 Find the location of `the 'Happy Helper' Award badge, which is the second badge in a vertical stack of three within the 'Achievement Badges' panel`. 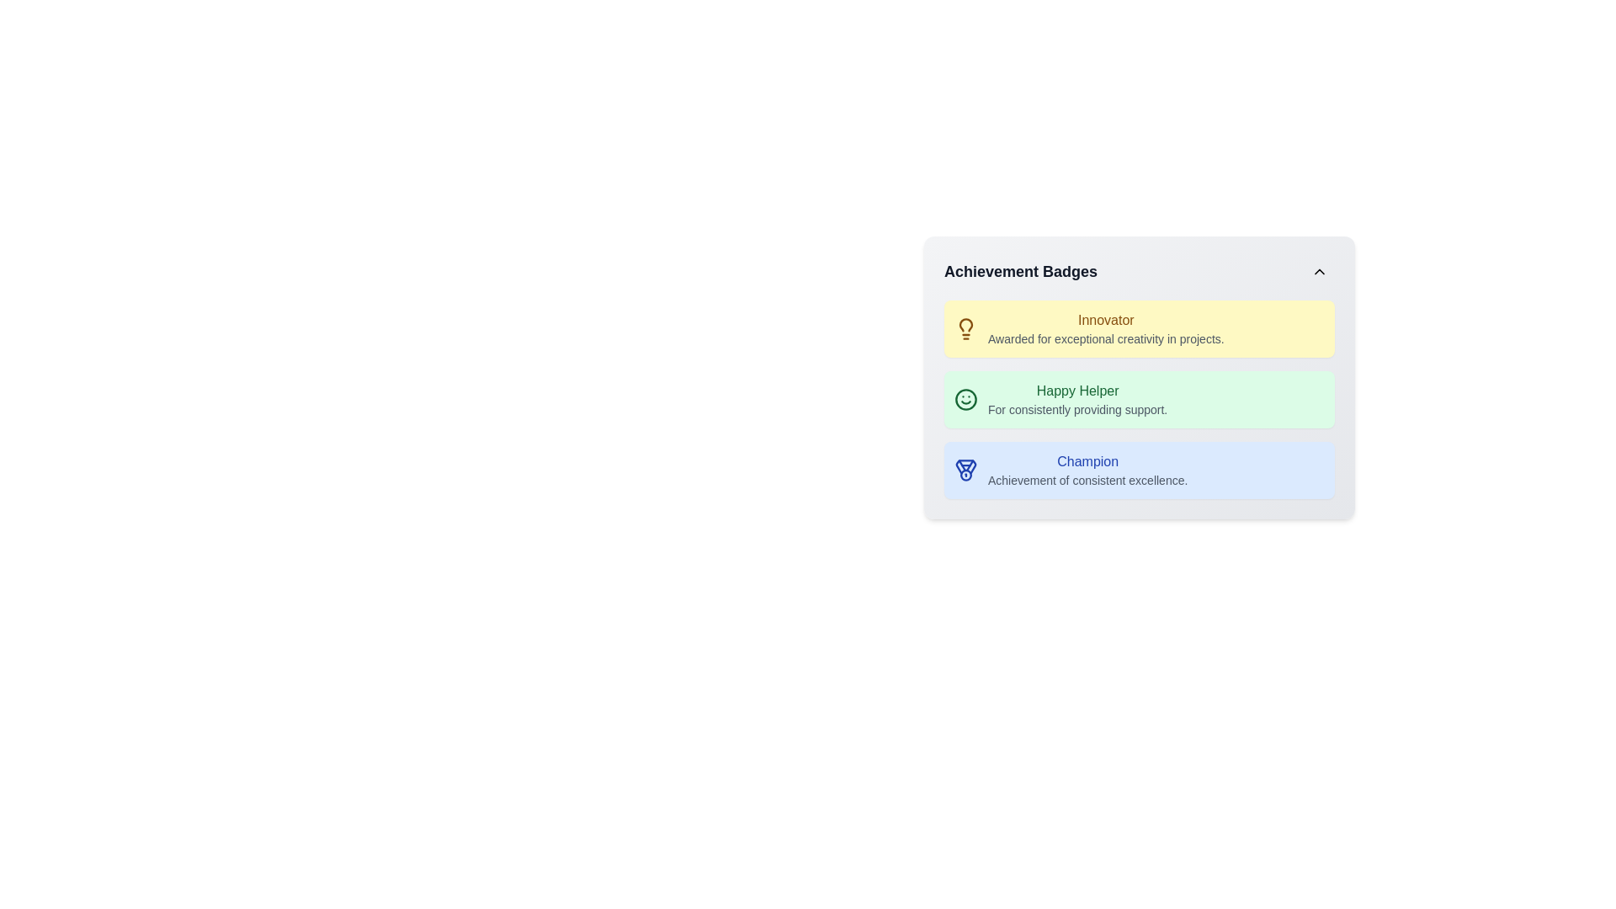

the 'Happy Helper' Award badge, which is the second badge in a vertical stack of three within the 'Achievement Badges' panel is located at coordinates (1139, 399).